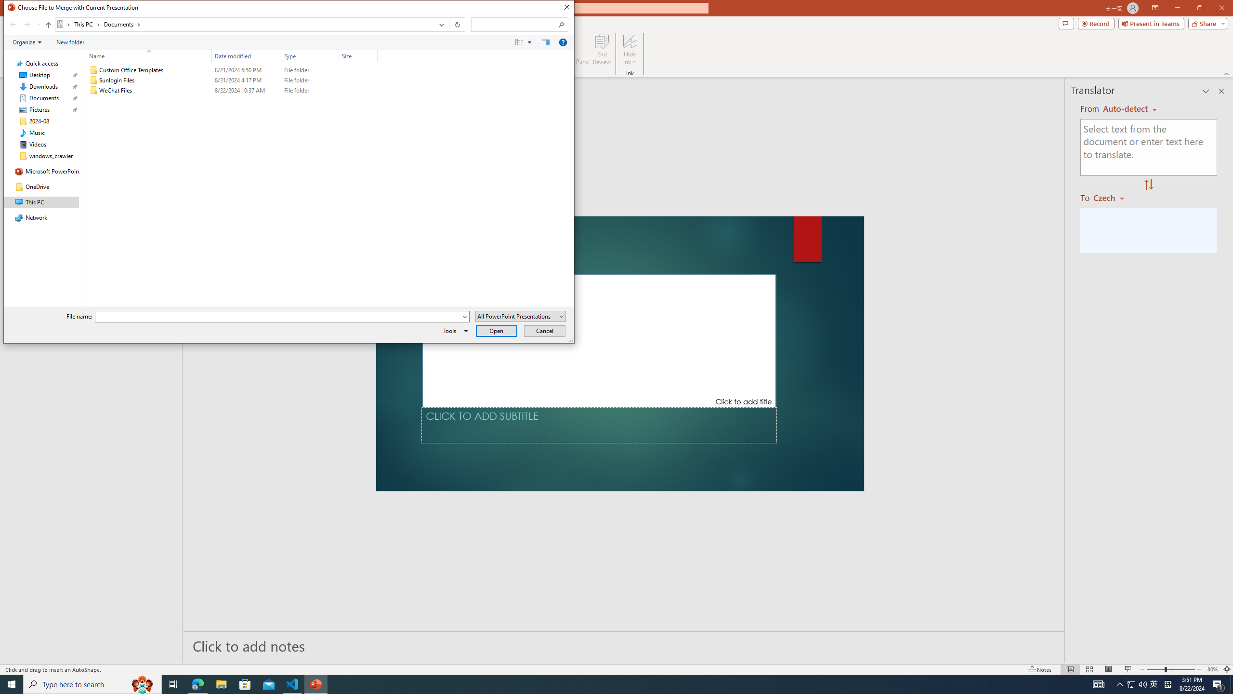 This screenshot has width=1233, height=694. What do you see at coordinates (27, 42) in the screenshot?
I see `'Organize'` at bounding box center [27, 42].